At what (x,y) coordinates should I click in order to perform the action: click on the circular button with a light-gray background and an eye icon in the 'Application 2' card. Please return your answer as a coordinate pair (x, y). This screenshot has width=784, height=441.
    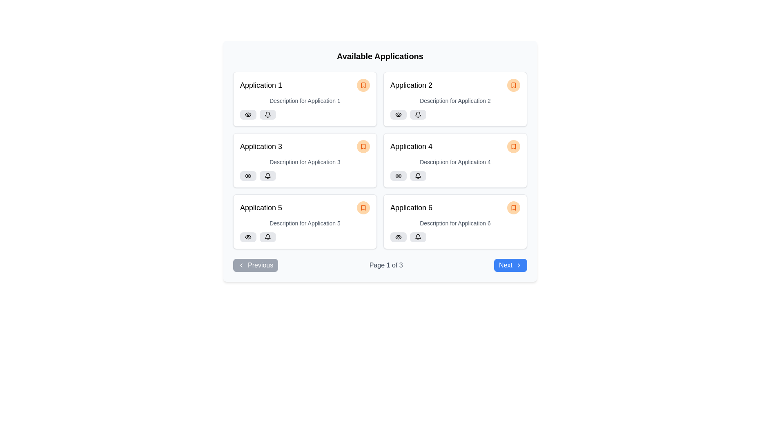
    Looking at the image, I should click on (398, 115).